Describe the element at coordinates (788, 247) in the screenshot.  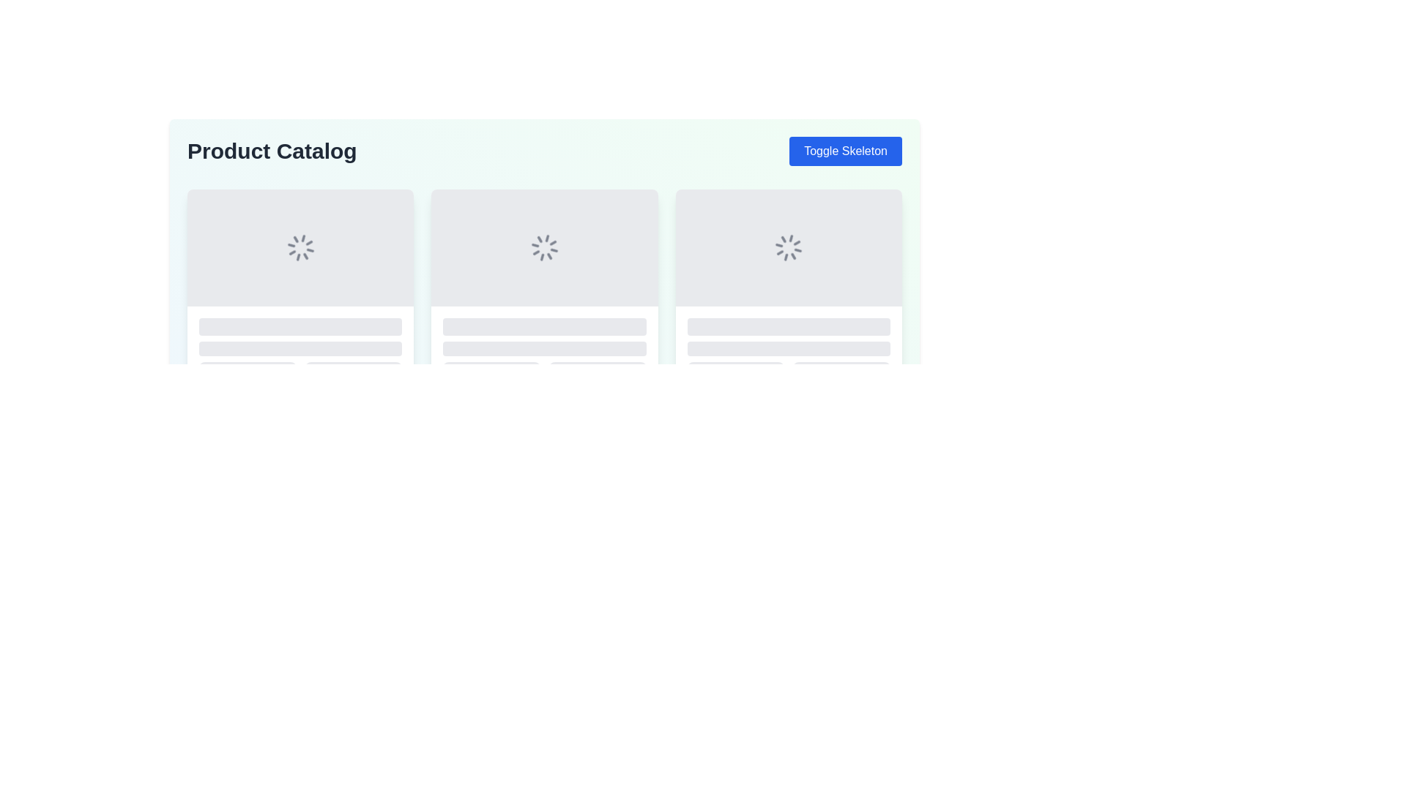
I see `the loading spinner, which is a circular loader icon with multiple radiating lines, spinning in gray color, located centrally within a light gray rectangular card` at that location.